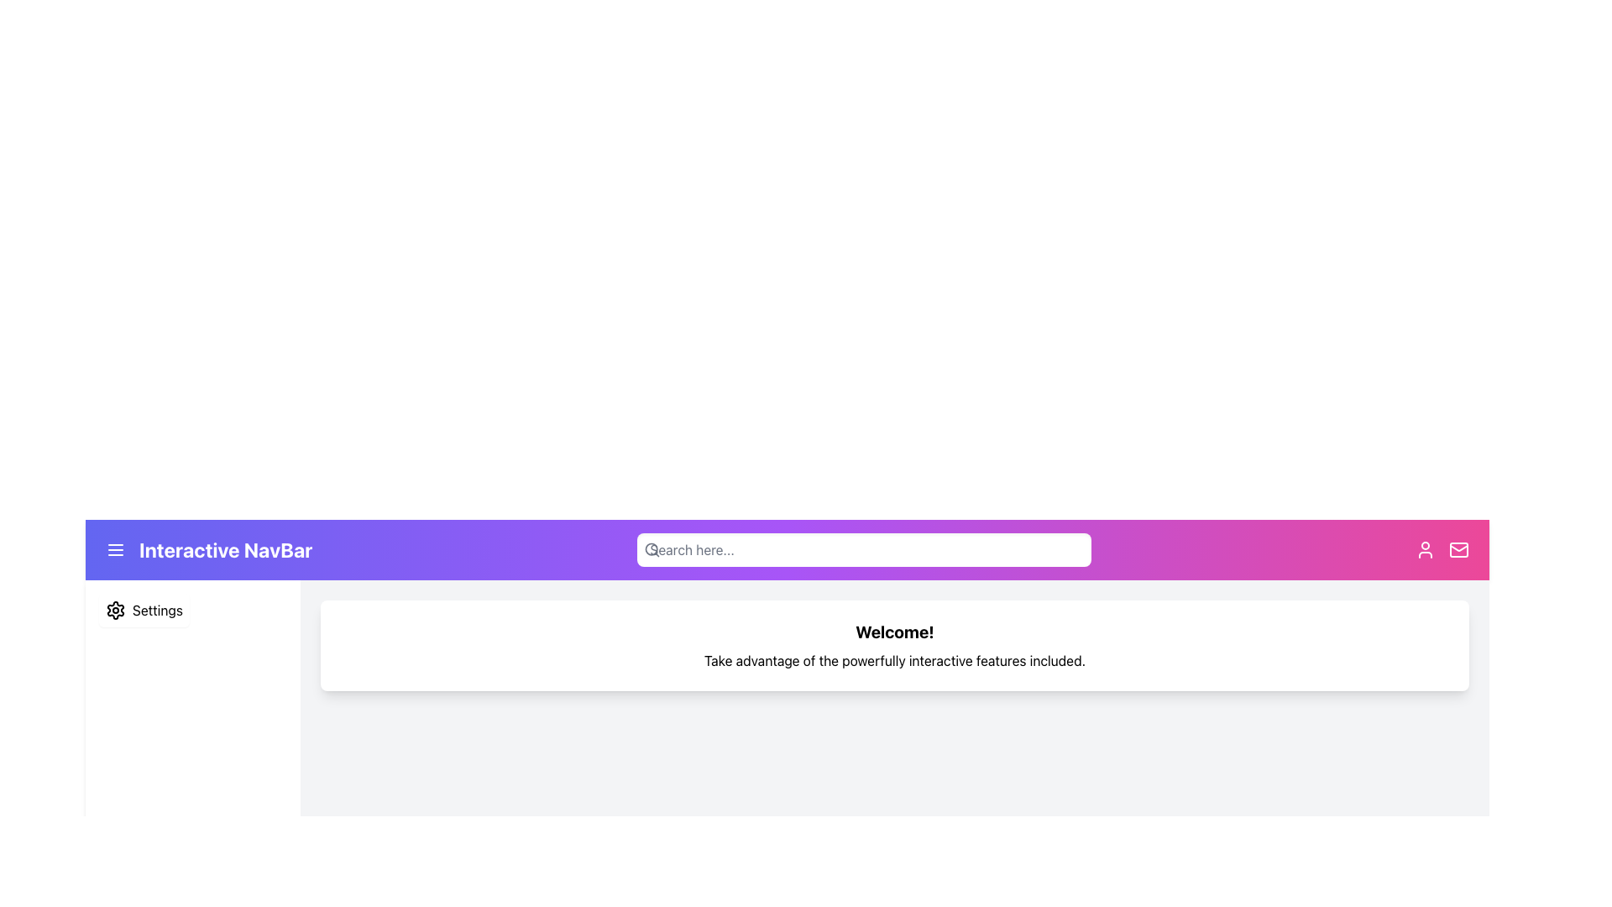 The width and height of the screenshot is (1612, 907). Describe the element at coordinates (115, 550) in the screenshot. I see `the hamburger menu icon located in the purple section of the top navigation bar` at that location.